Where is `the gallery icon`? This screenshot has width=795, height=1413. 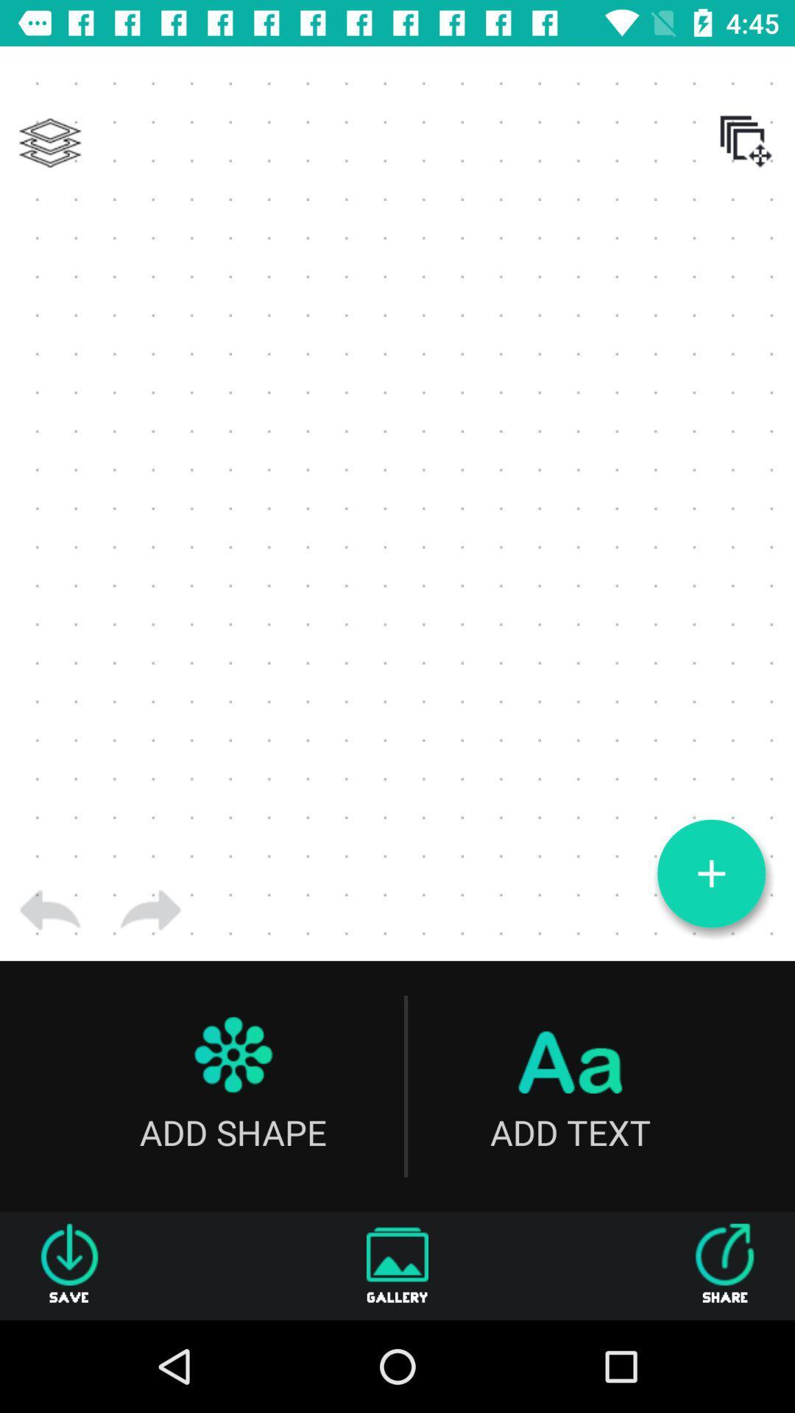 the gallery icon is located at coordinates (397, 1265).